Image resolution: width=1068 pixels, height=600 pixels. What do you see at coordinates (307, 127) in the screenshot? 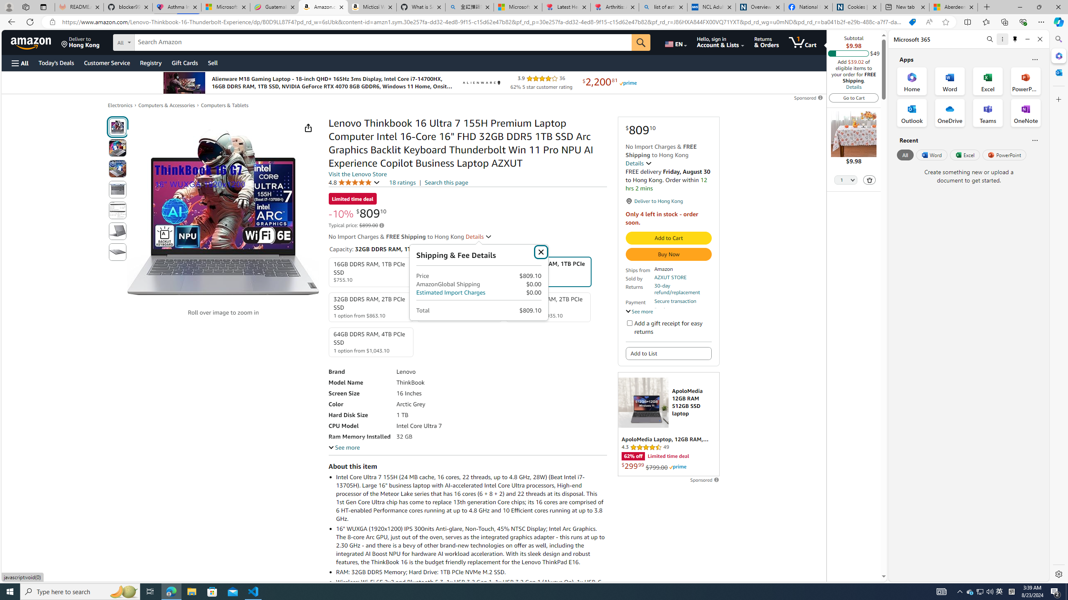
I see `'Share'` at bounding box center [307, 127].